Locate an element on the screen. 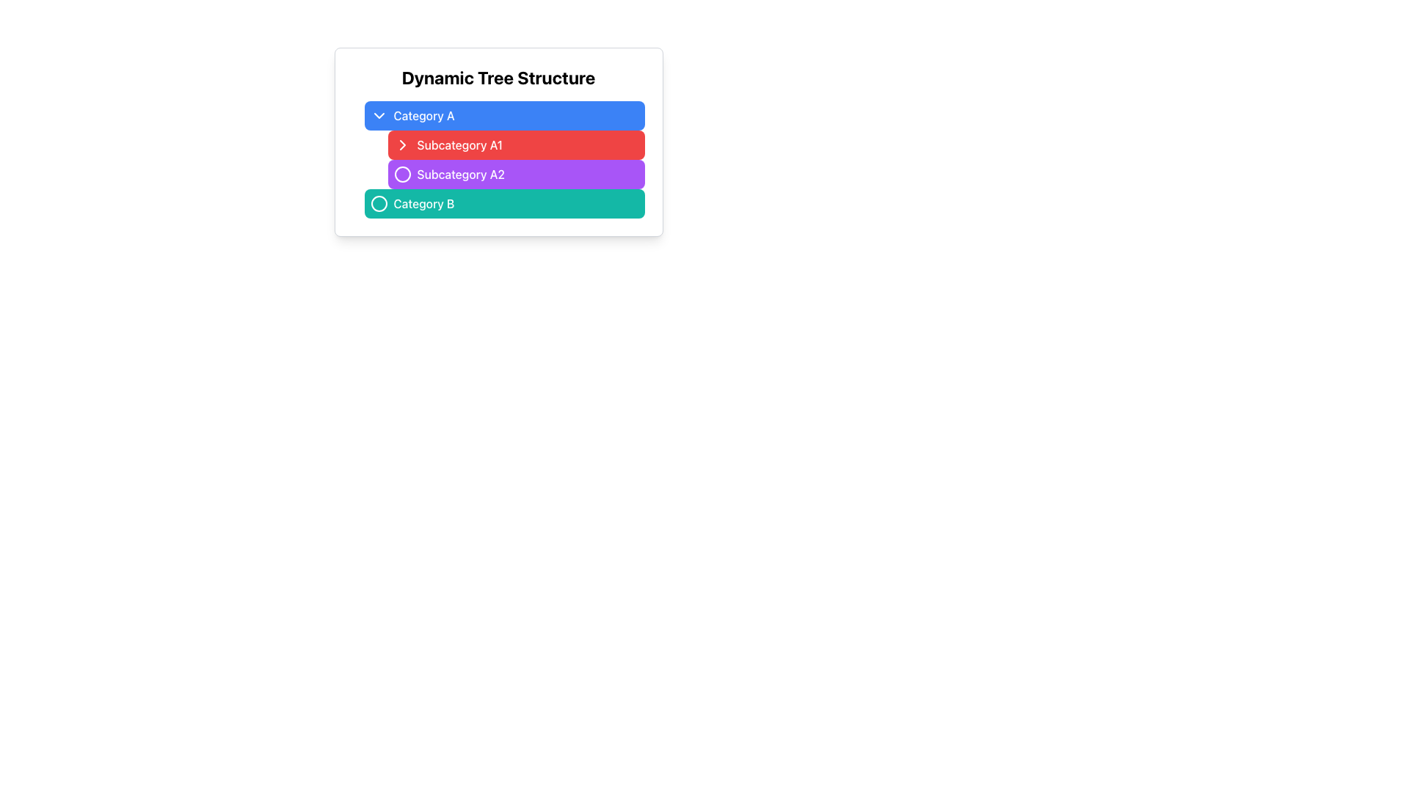 This screenshot has width=1409, height=792. the button labeled 'Subcategory A2' with a purple background, located in the center-right area below 'Subcategory A1' and above 'Category B' is located at coordinates (516, 174).